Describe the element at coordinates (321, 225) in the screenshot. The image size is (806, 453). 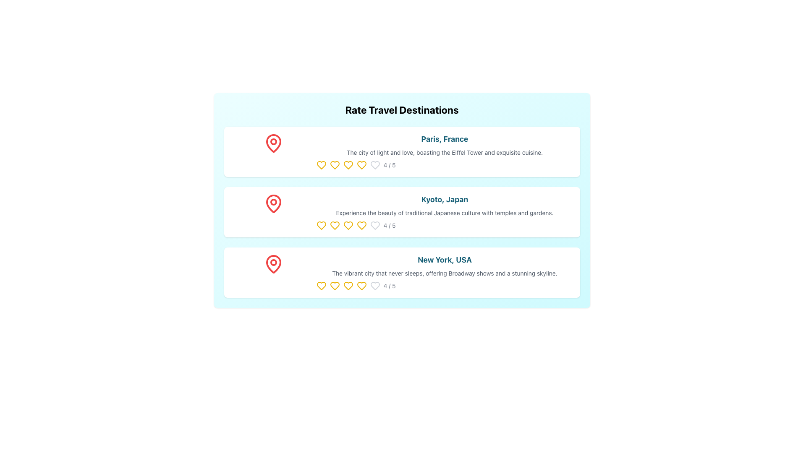
I see `the third heart-shaped icon outlined in gold under the entry titled 'Kyoto, Japan' for additional actions` at that location.